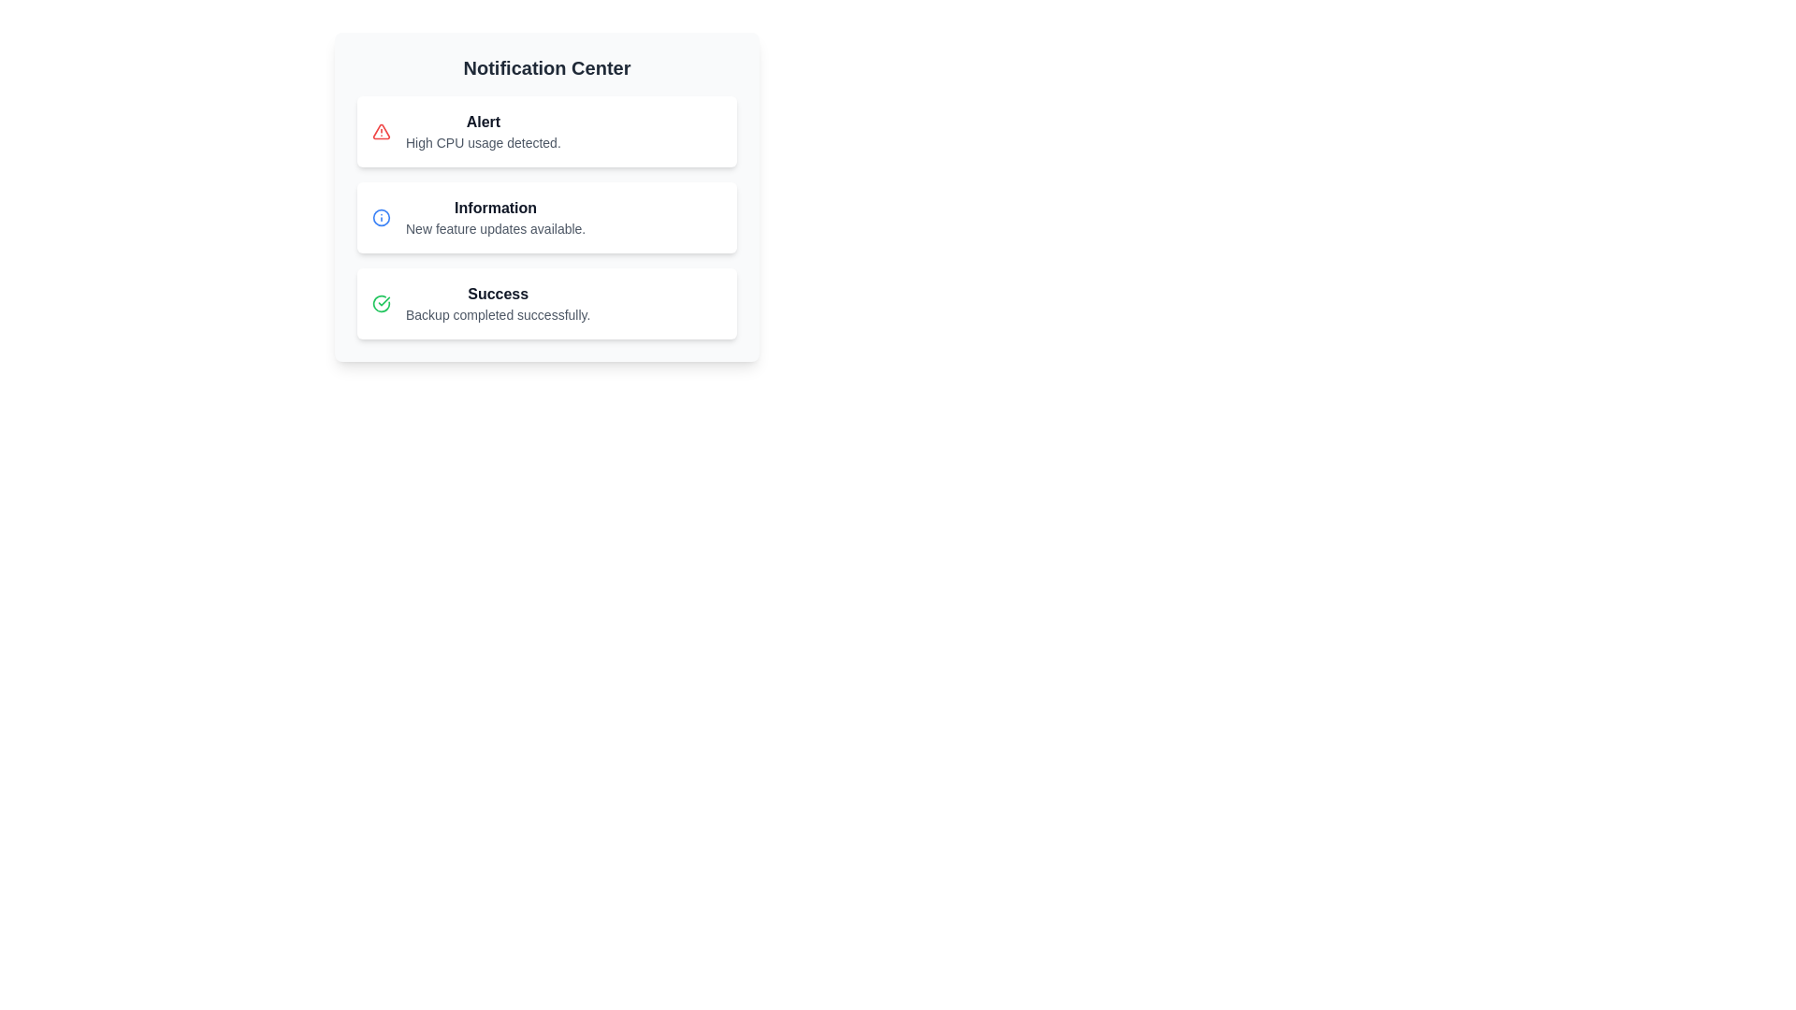 This screenshot has height=1010, width=1796. I want to click on the third notification in the 'Notification Center' panel that indicates a successful backup operation, positioned below the 'Information' notification, so click(498, 302).